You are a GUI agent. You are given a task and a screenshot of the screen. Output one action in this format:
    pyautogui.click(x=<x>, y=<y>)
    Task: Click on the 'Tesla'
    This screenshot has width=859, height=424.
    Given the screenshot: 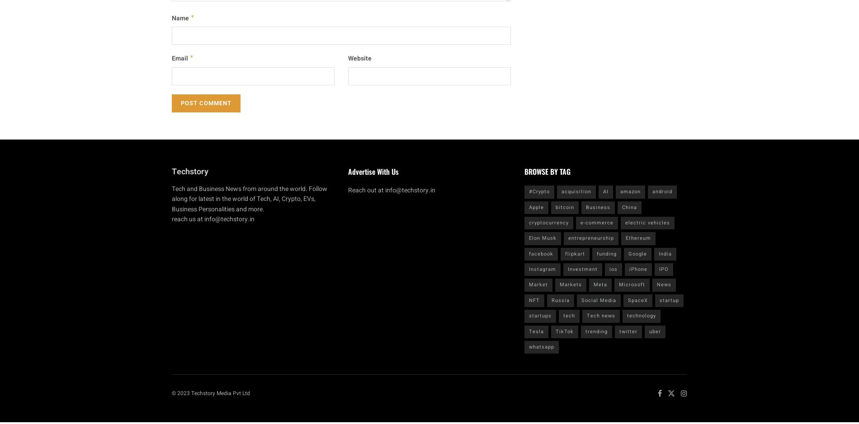 What is the action you would take?
    pyautogui.click(x=536, y=331)
    